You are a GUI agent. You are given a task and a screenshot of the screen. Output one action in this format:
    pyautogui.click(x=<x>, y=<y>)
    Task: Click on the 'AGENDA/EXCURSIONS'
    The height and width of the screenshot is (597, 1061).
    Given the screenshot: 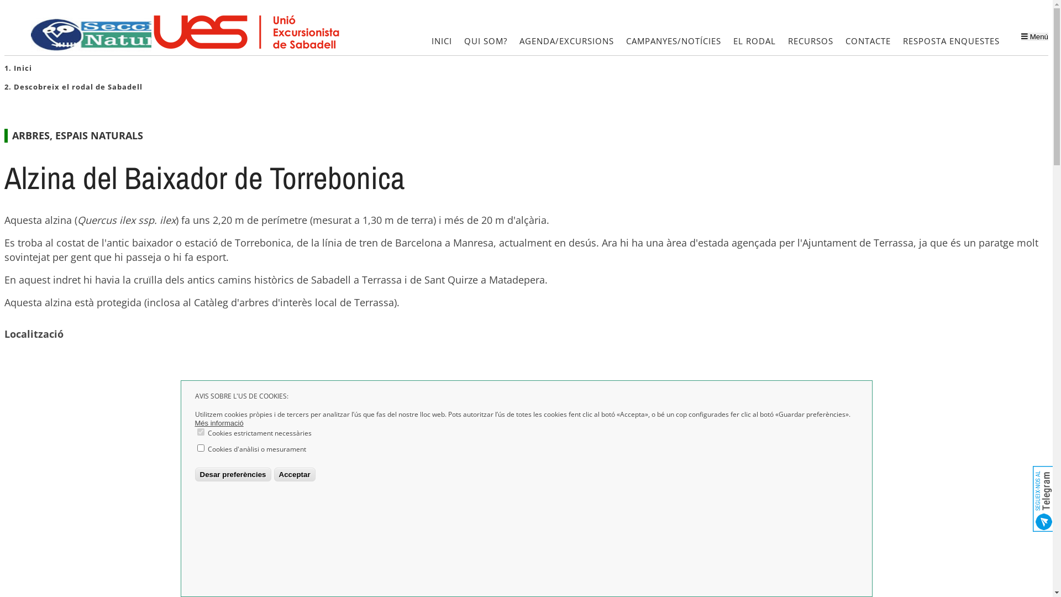 What is the action you would take?
    pyautogui.click(x=514, y=41)
    